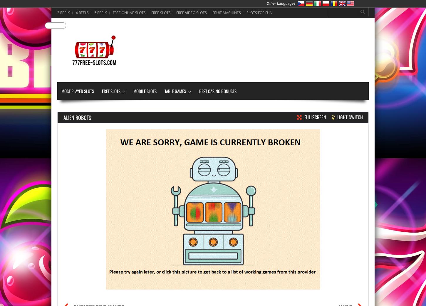 This screenshot has height=306, width=426. What do you see at coordinates (176, 89) in the screenshot?
I see `'Free Blackjack'` at bounding box center [176, 89].